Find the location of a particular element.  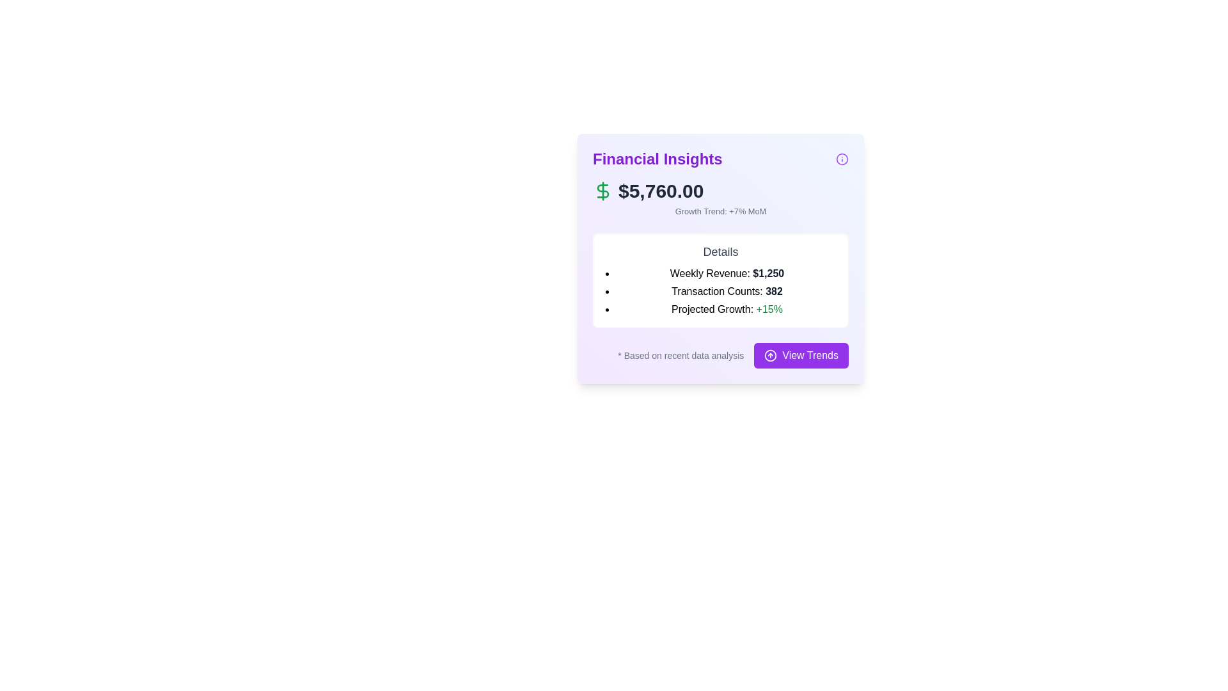

the decorative circular vector graphic element within the 'Financial Insights' card interface, located at the upper-right corner, adjacent to the close button is located at coordinates (842, 159).